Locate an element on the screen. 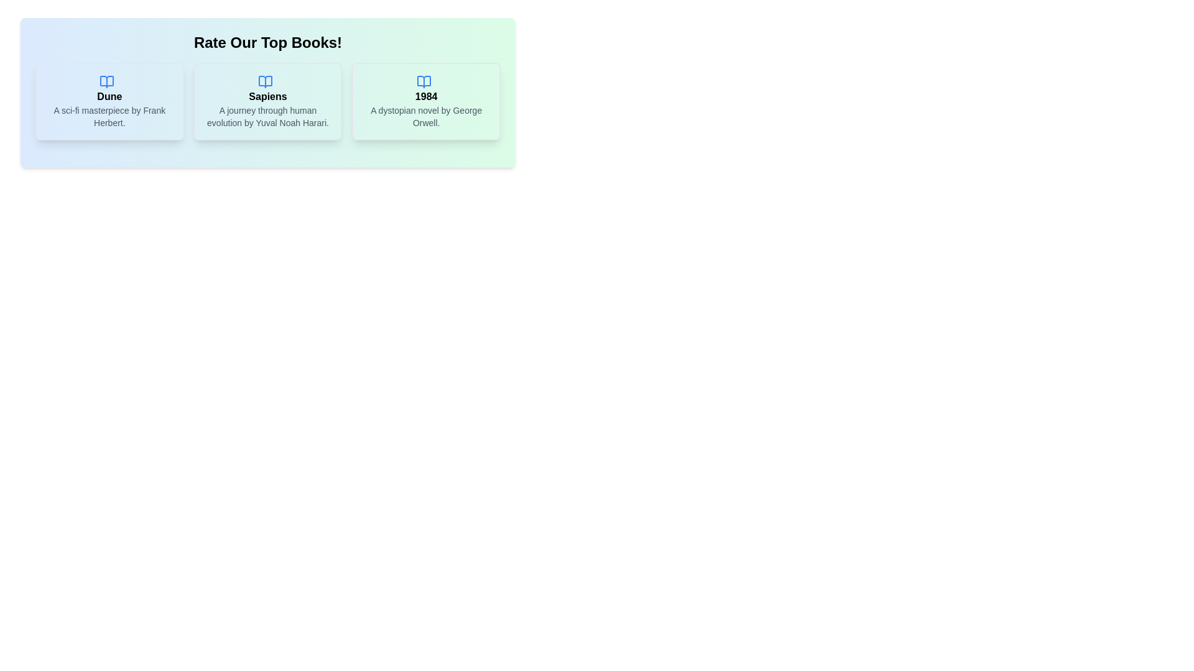  the blue open book icon in the header of the 'Dune' card, located at the top-left entry among horizontally arranged book cards is located at coordinates (107, 81).